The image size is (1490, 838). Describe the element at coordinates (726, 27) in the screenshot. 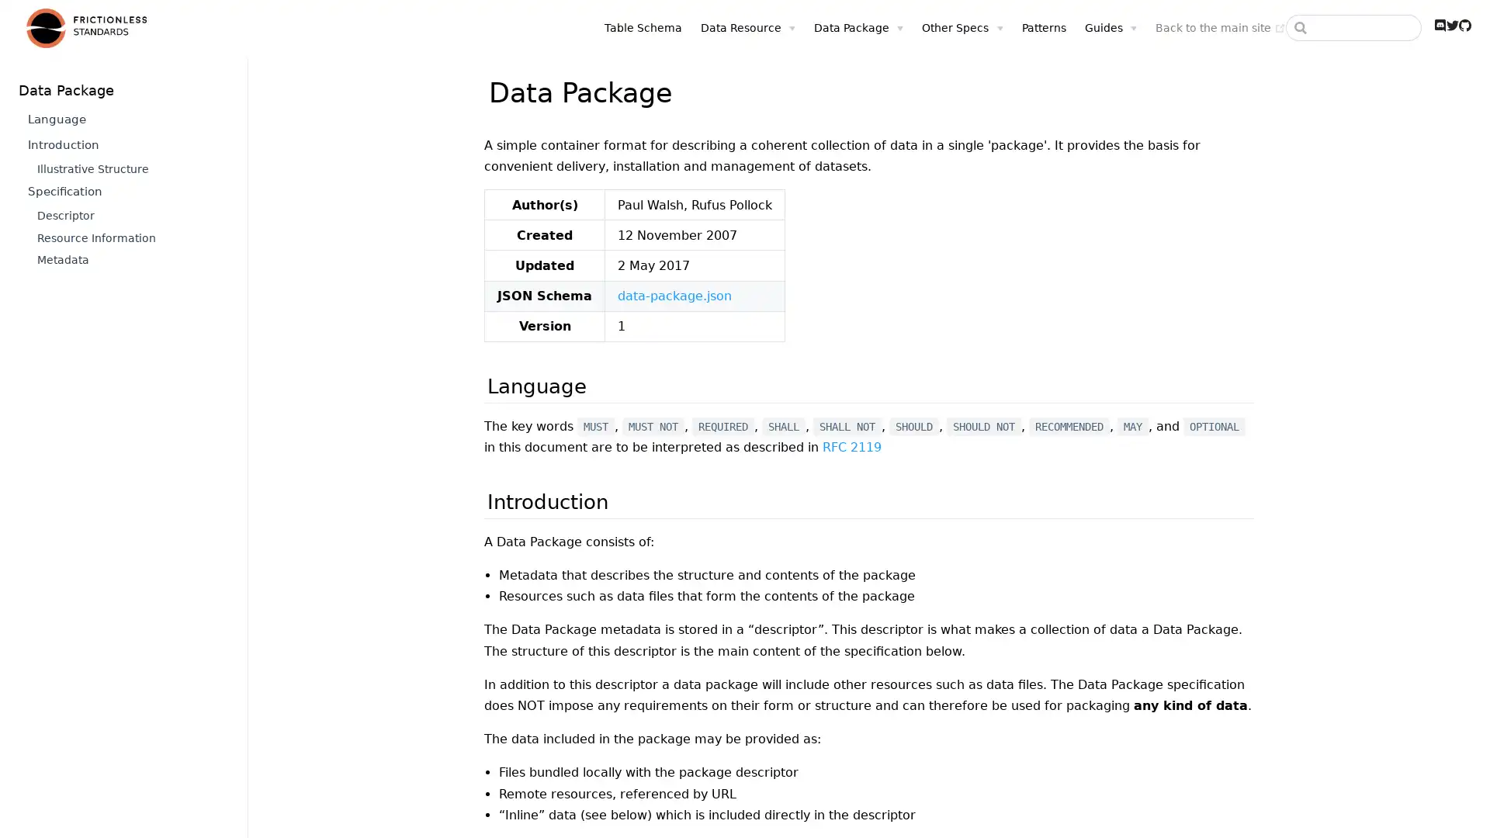

I see `Data Resource` at that location.